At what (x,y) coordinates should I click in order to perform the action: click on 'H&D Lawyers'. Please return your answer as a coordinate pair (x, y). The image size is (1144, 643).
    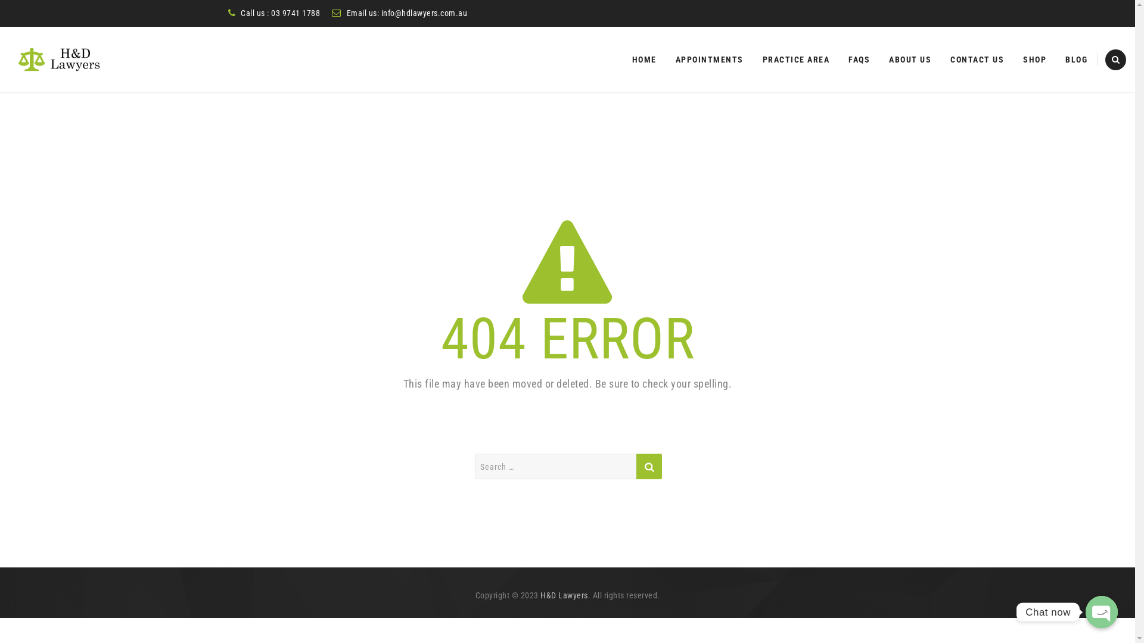
    Looking at the image, I should click on (563, 595).